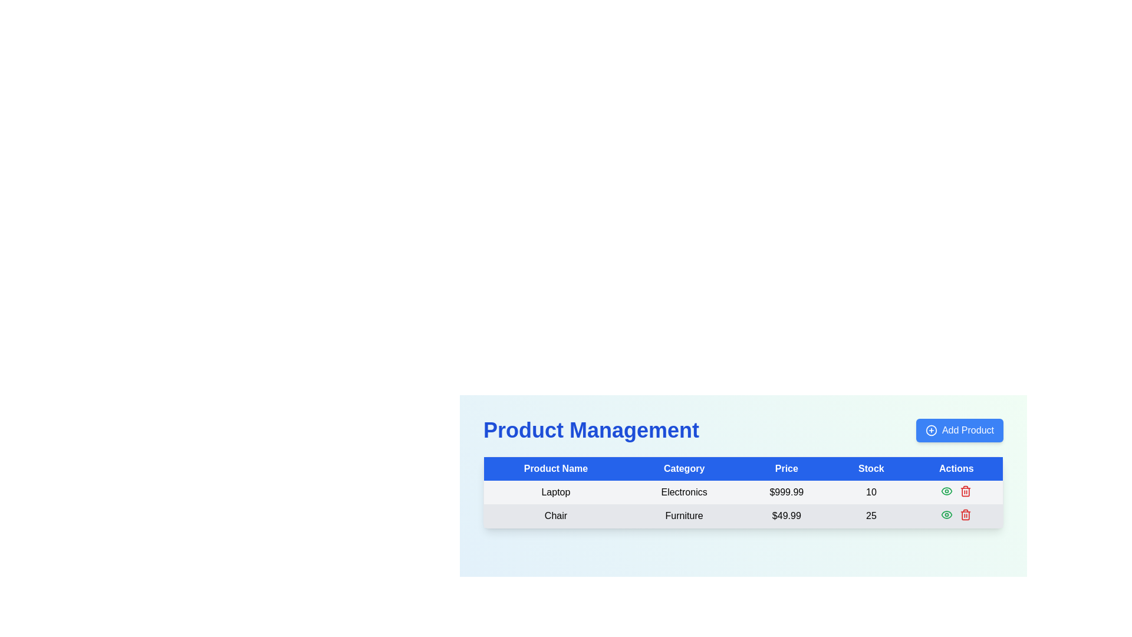  I want to click on the table cell displaying 'Electronics' in bold black font, centered within a light gray background, located in the second column of the first data row under the 'Category' header in the 'Product Management' table, so click(684, 492).